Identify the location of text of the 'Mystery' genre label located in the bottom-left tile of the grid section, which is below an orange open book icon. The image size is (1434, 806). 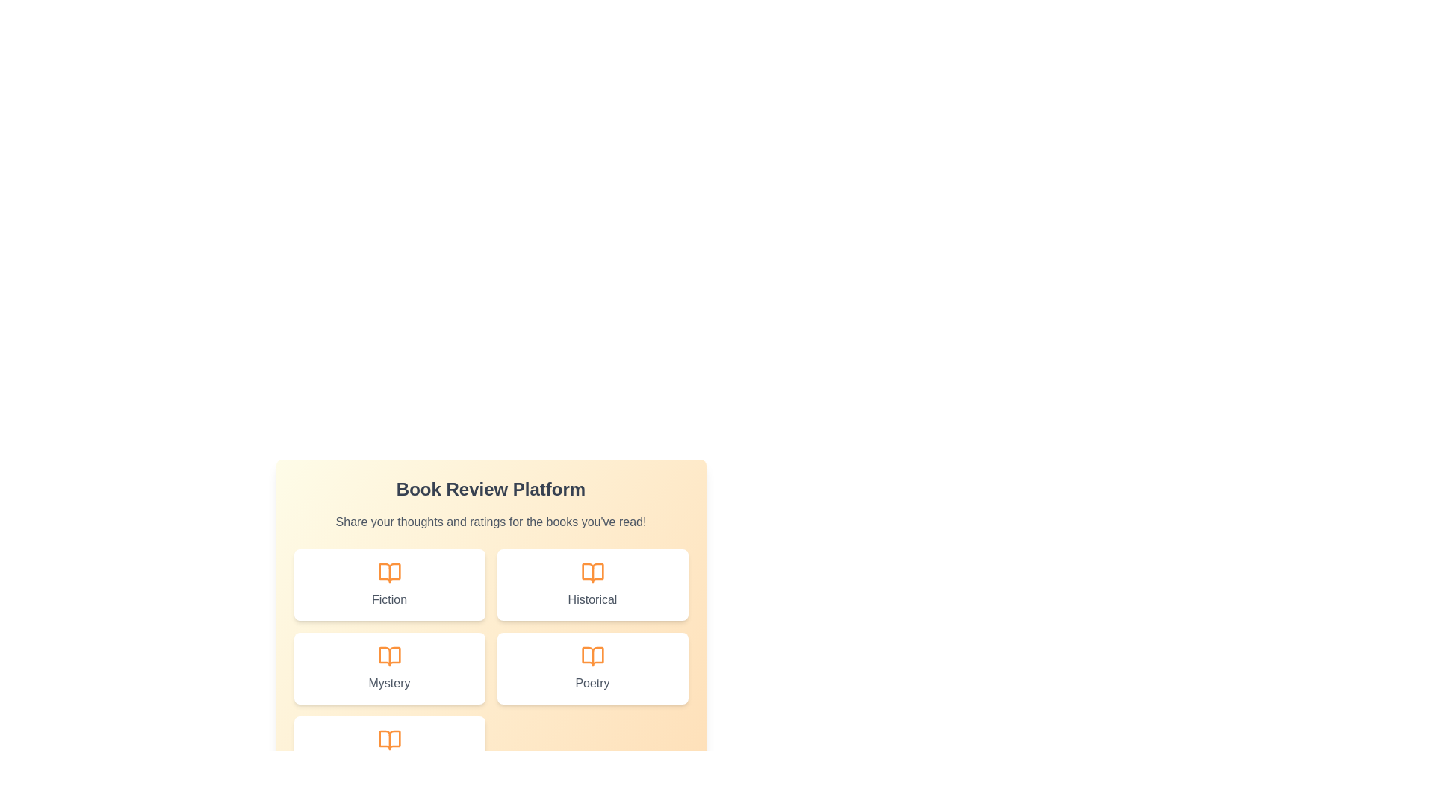
(389, 683).